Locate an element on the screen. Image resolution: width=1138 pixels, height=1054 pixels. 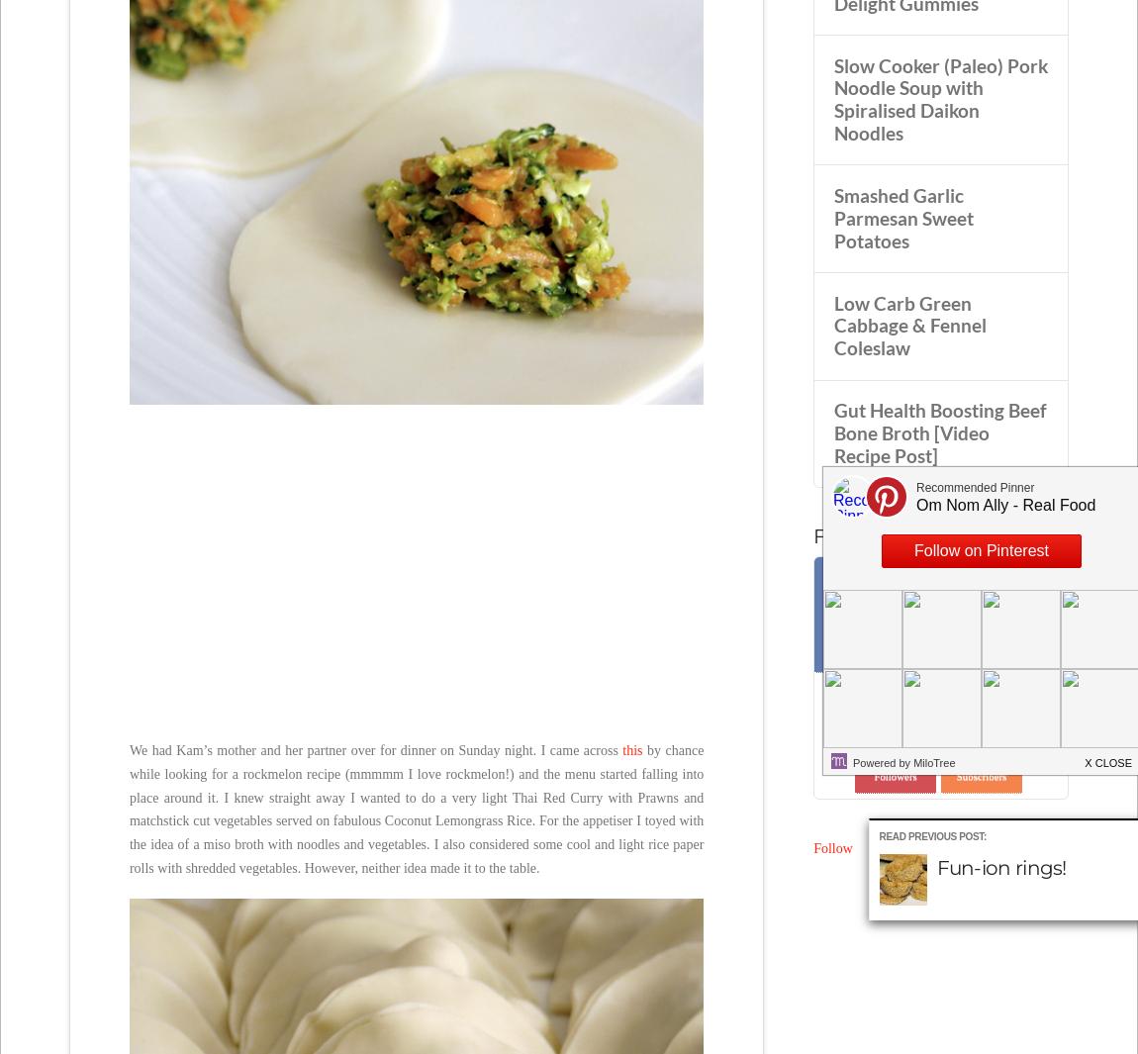
'Slow Cooker (Paleo) Pork Noodle Soup with Spiralised Daikon Noodles' is located at coordinates (940, 98).